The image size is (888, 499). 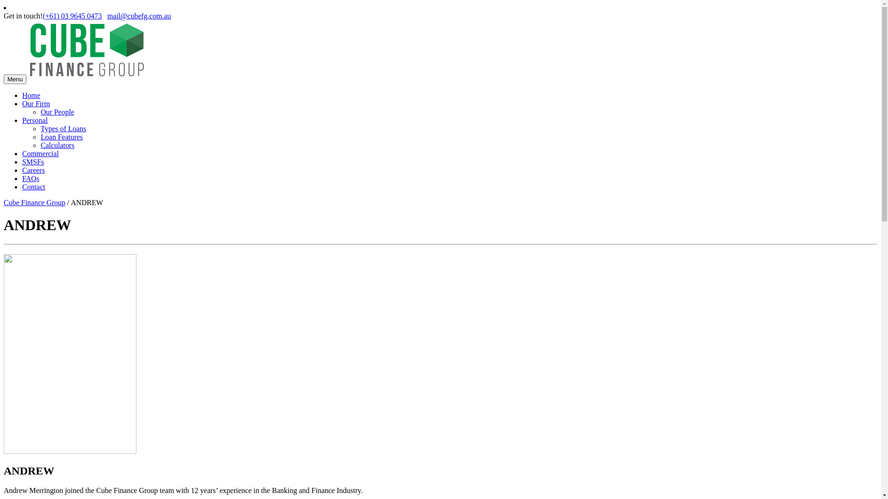 I want to click on 'Loan Features', so click(x=61, y=137).